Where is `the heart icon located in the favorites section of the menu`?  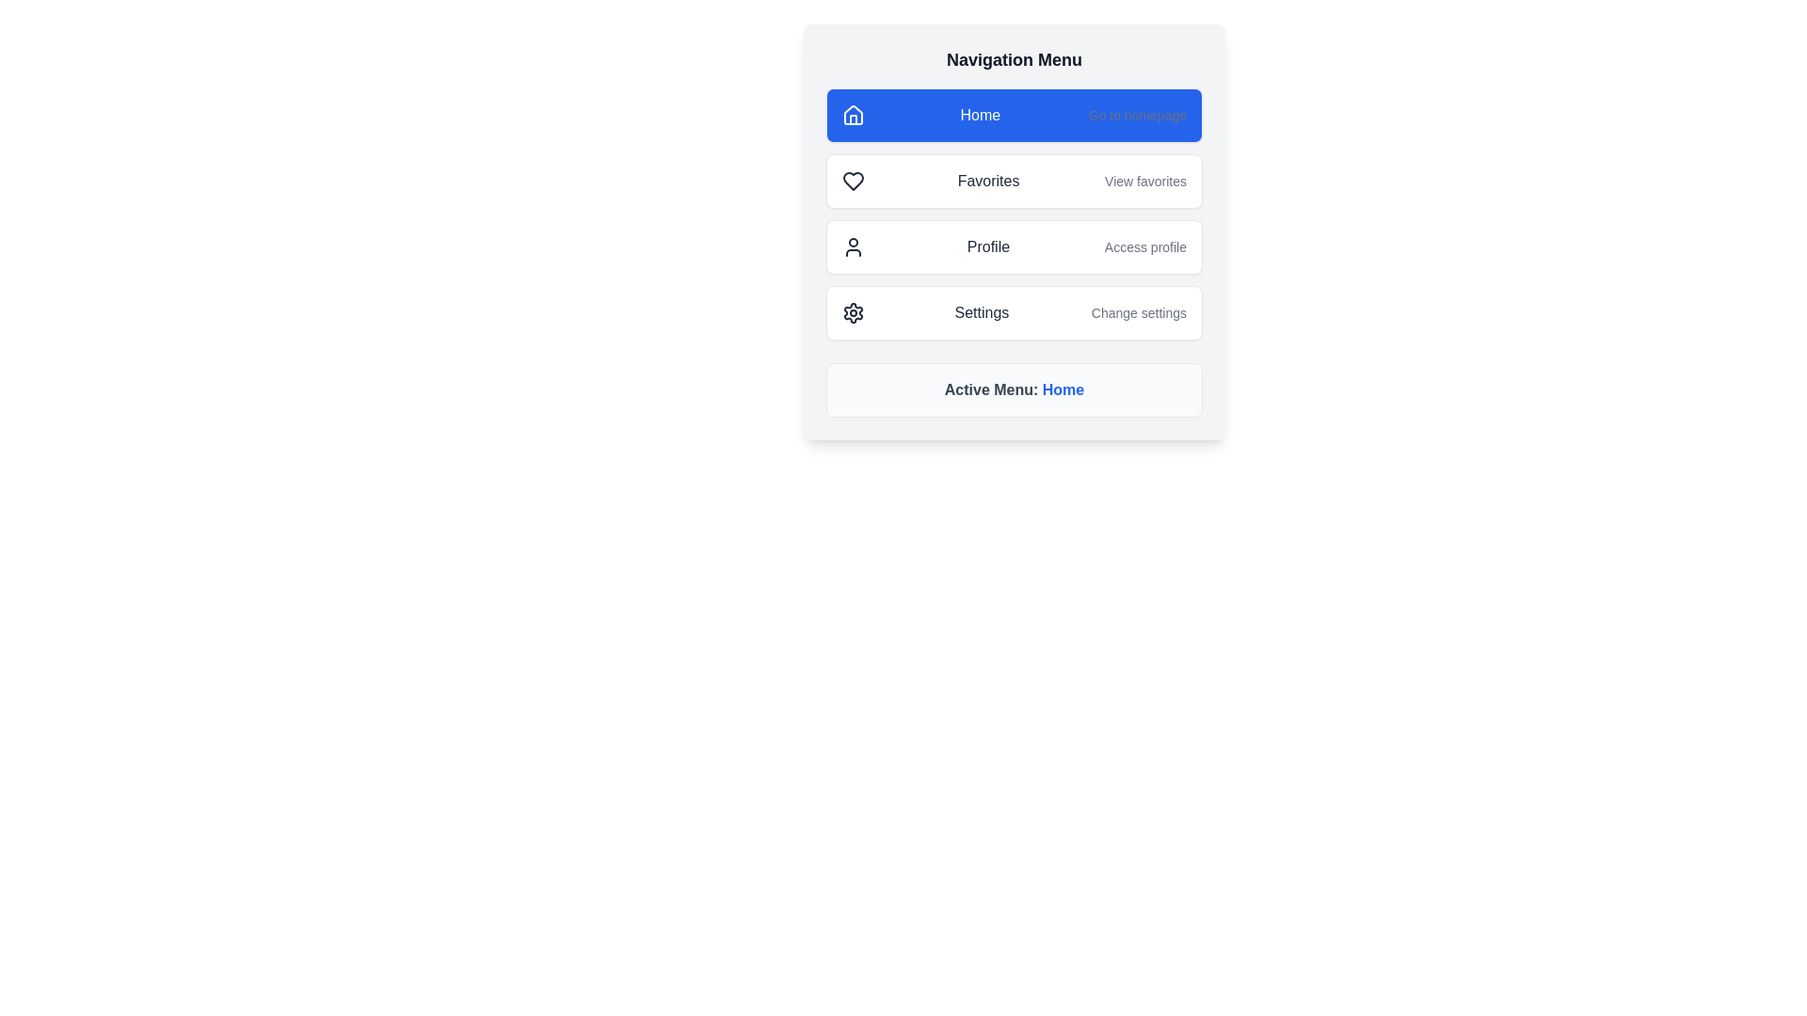
the heart icon located in the favorites section of the menu is located at coordinates (853, 181).